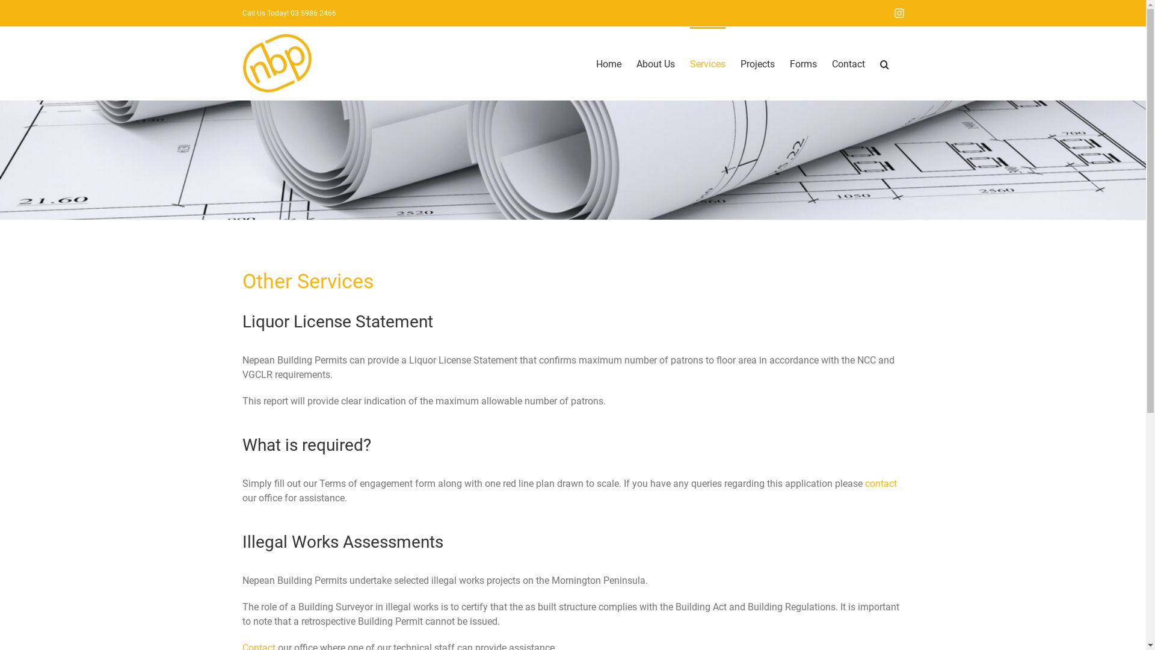  What do you see at coordinates (654, 63) in the screenshot?
I see `'About Us'` at bounding box center [654, 63].